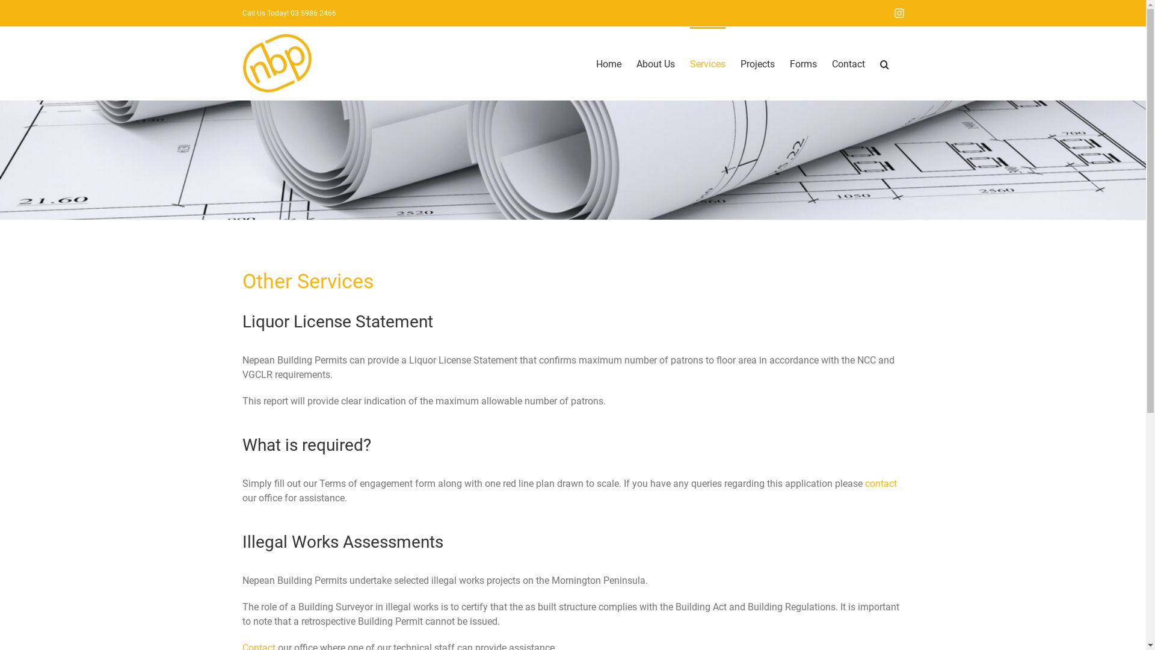  What do you see at coordinates (654, 63) in the screenshot?
I see `'About Us'` at bounding box center [654, 63].